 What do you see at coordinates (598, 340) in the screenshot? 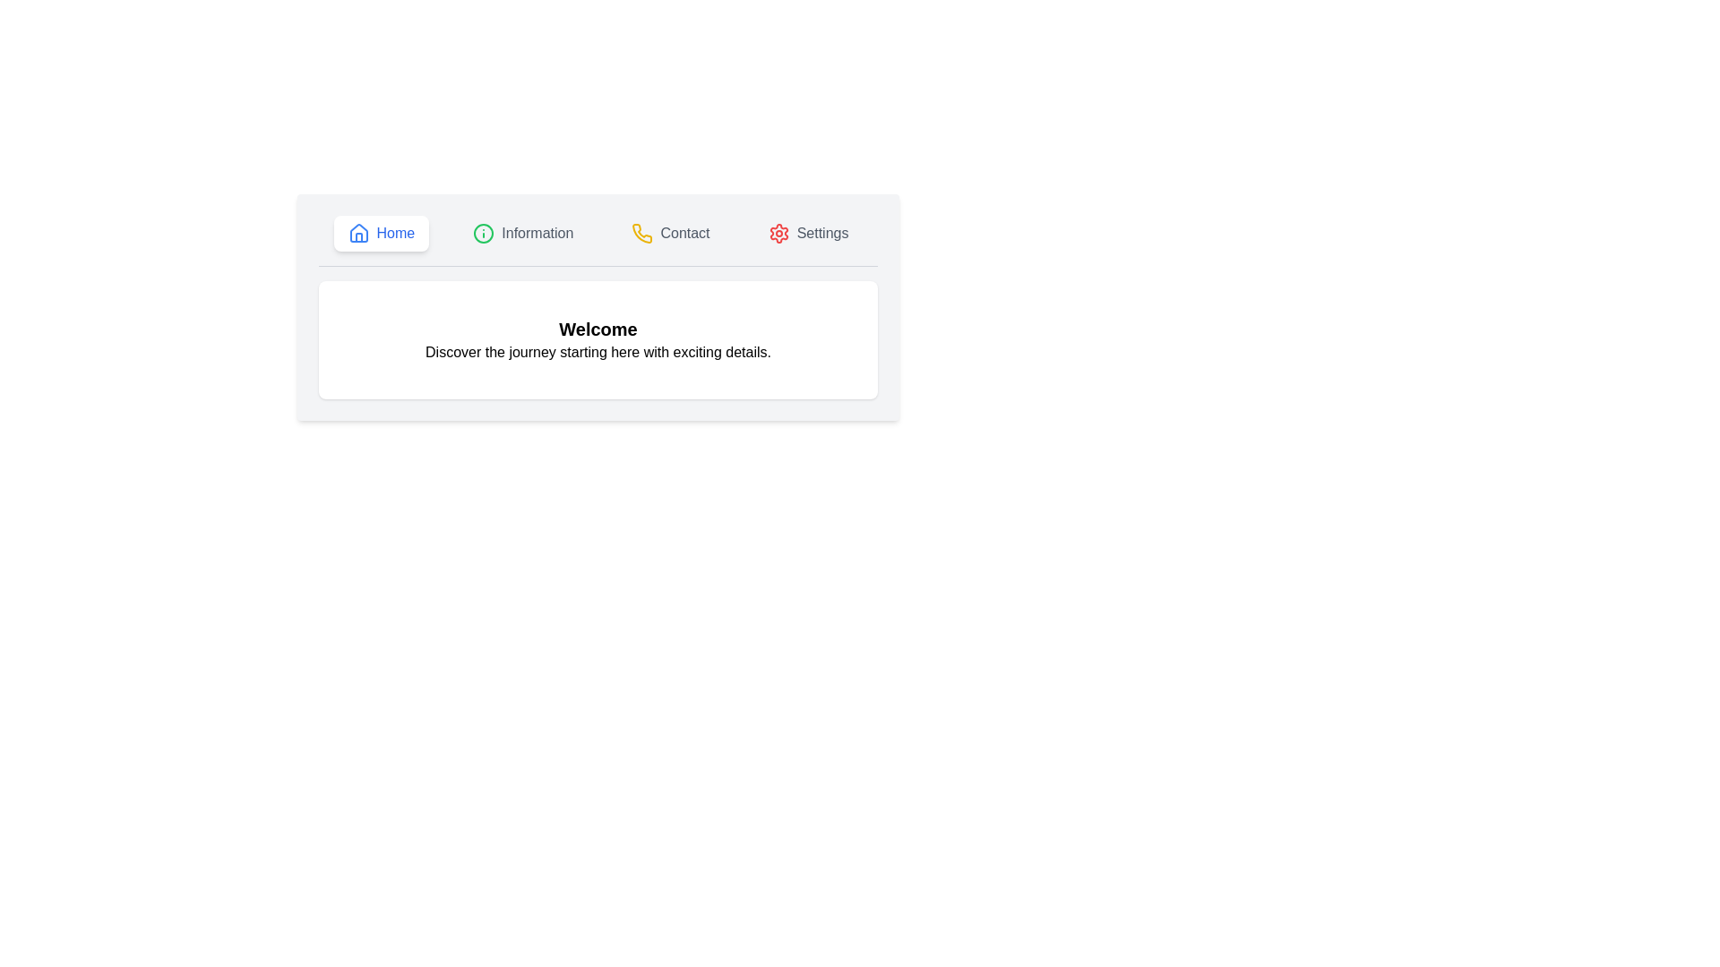
I see `welcome message displayed in the text area that contains the bolded title 'Welcome' and the descriptive sentence 'Discover the journey starting here with exciting details.'` at bounding box center [598, 340].